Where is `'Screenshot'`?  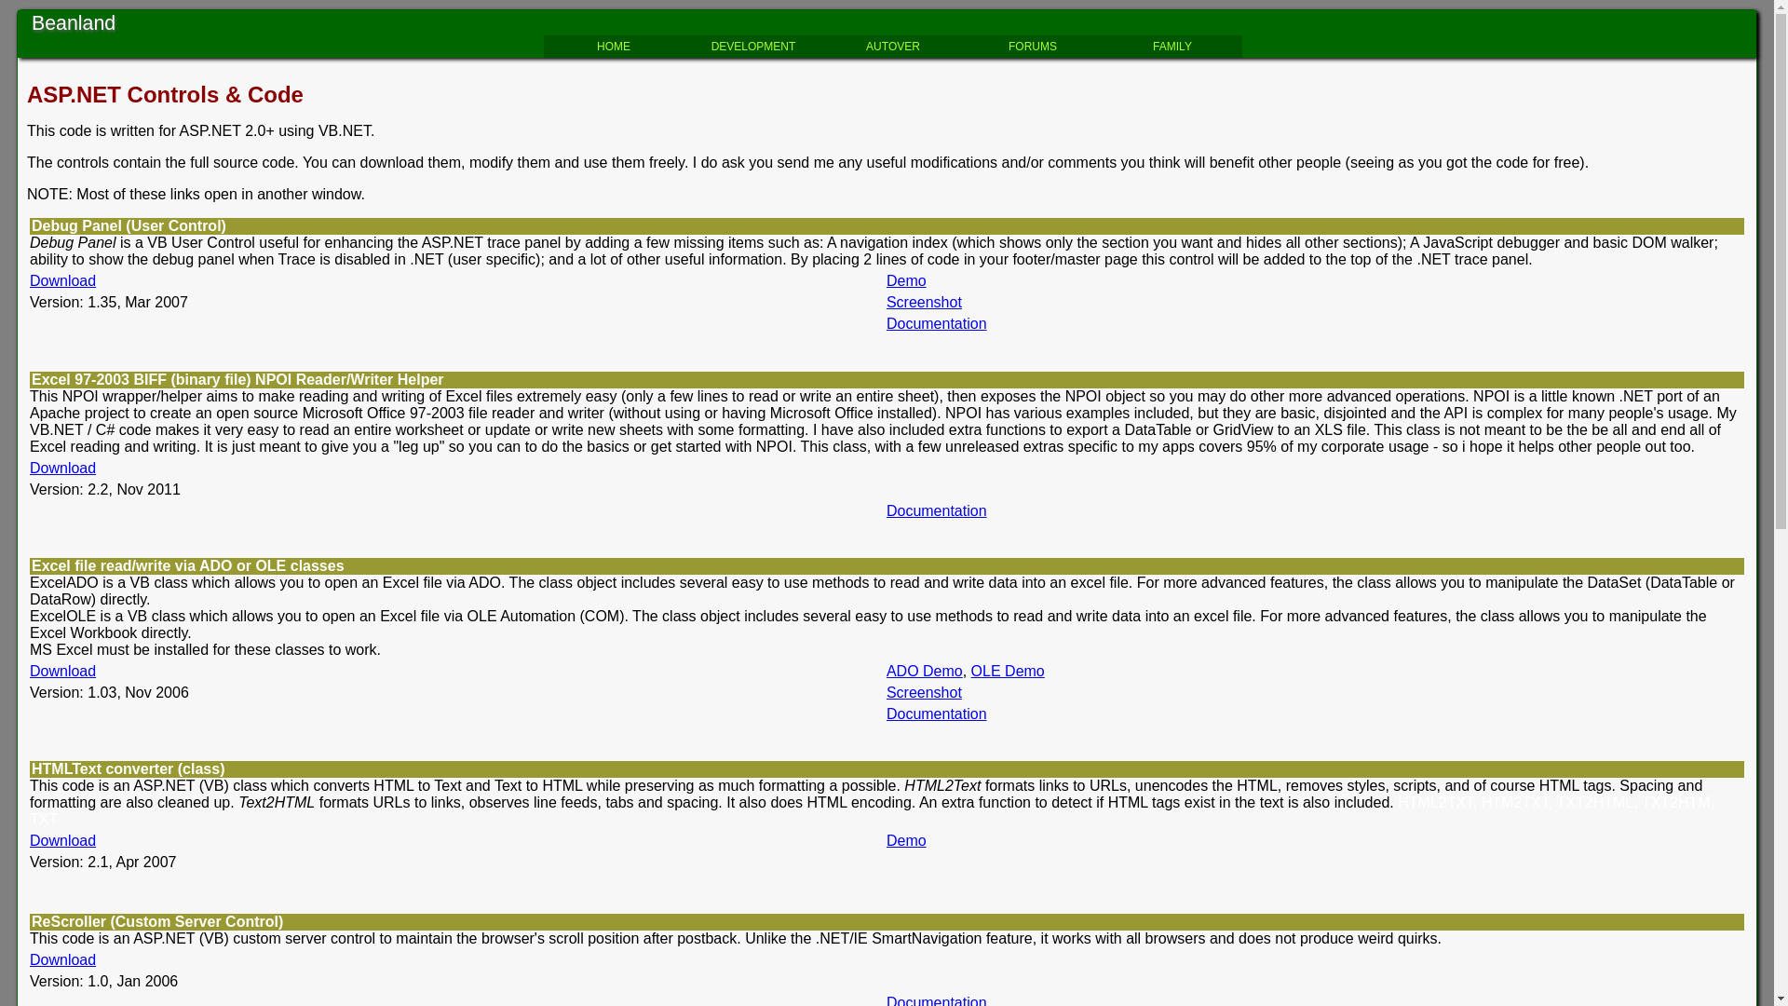 'Screenshot' is located at coordinates (924, 692).